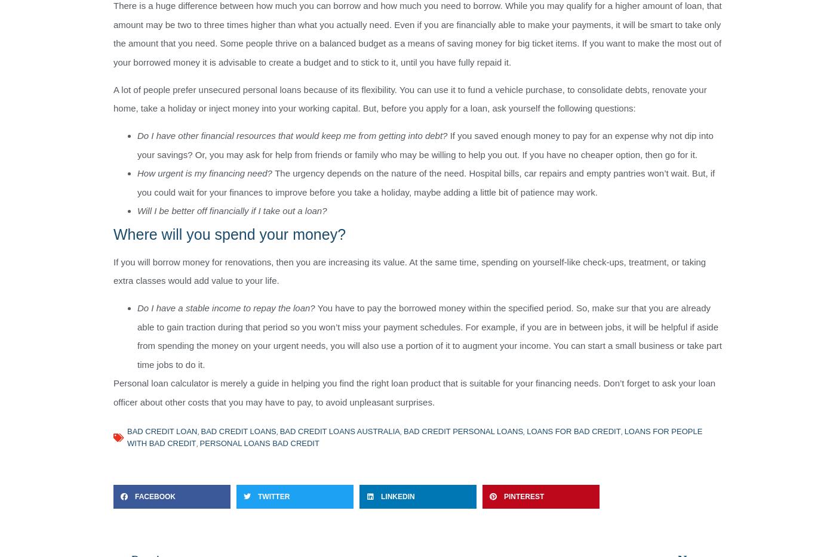 The height and width of the screenshot is (557, 836). What do you see at coordinates (113, 98) in the screenshot?
I see `'A lot of people prefer unsecured personal loans because of its flexibility. You can use it to fund a vehicle purchase, to consolidate debts, renovate your home, take a holiday or inject money into your working capital. But, before you apply for a loan, ask yourself the following questions:'` at bounding box center [113, 98].